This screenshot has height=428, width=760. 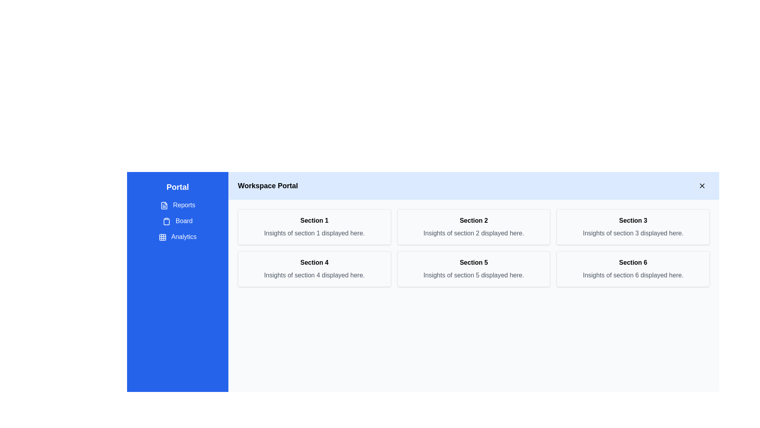 I want to click on the bold title text 'Section 4' located in the second row, first column of the card layout, so click(x=314, y=263).